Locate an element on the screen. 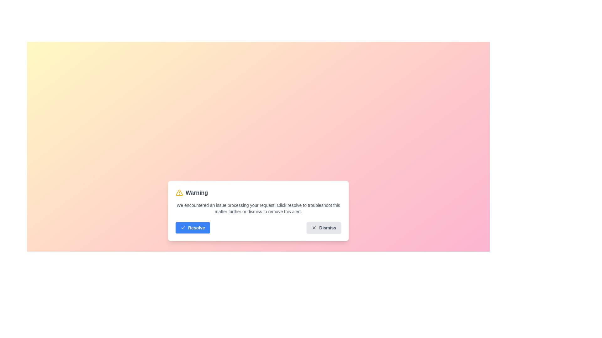 The image size is (602, 338). the warning notification title text, which is the second element after the alert icon with a yellow triangular symbol, centered horizontally within the alert notice is located at coordinates (196, 192).